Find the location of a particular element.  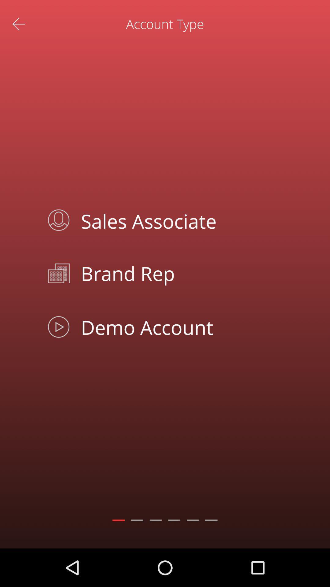

item below the sales associate icon is located at coordinates (179, 273).